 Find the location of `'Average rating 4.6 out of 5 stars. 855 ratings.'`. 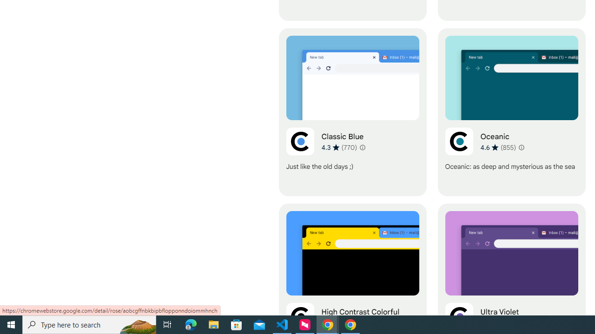

'Average rating 4.6 out of 5 stars. 855 ratings.' is located at coordinates (498, 147).